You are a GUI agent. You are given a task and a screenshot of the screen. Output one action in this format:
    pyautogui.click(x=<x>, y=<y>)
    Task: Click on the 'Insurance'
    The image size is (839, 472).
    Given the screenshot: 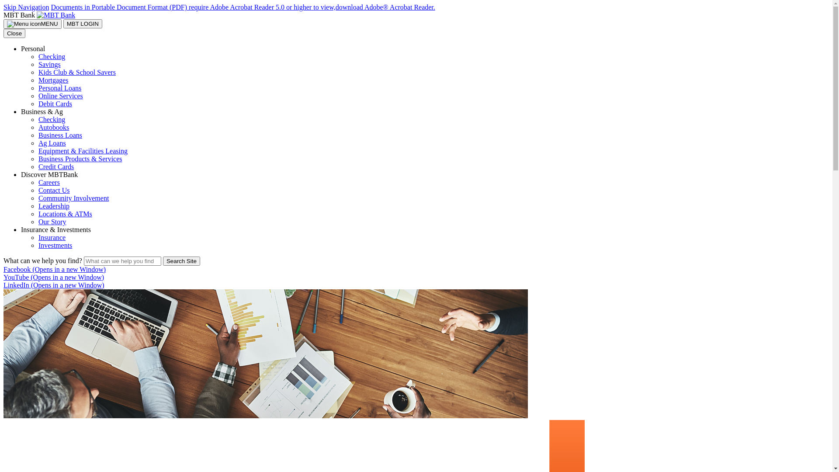 What is the action you would take?
    pyautogui.click(x=52, y=237)
    